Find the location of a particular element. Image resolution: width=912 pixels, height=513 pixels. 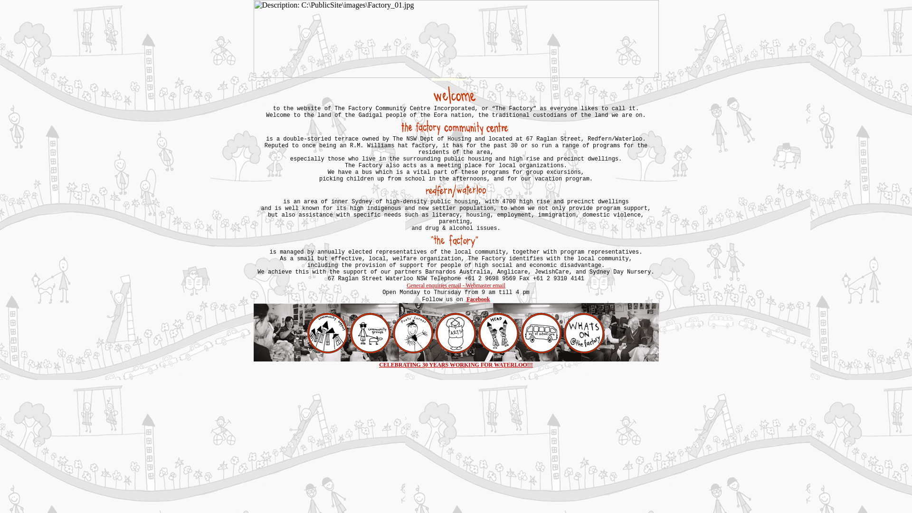

'CELEBRATING 30 YEARS WORKING FOR WATERLOO!!!' is located at coordinates (456, 364).